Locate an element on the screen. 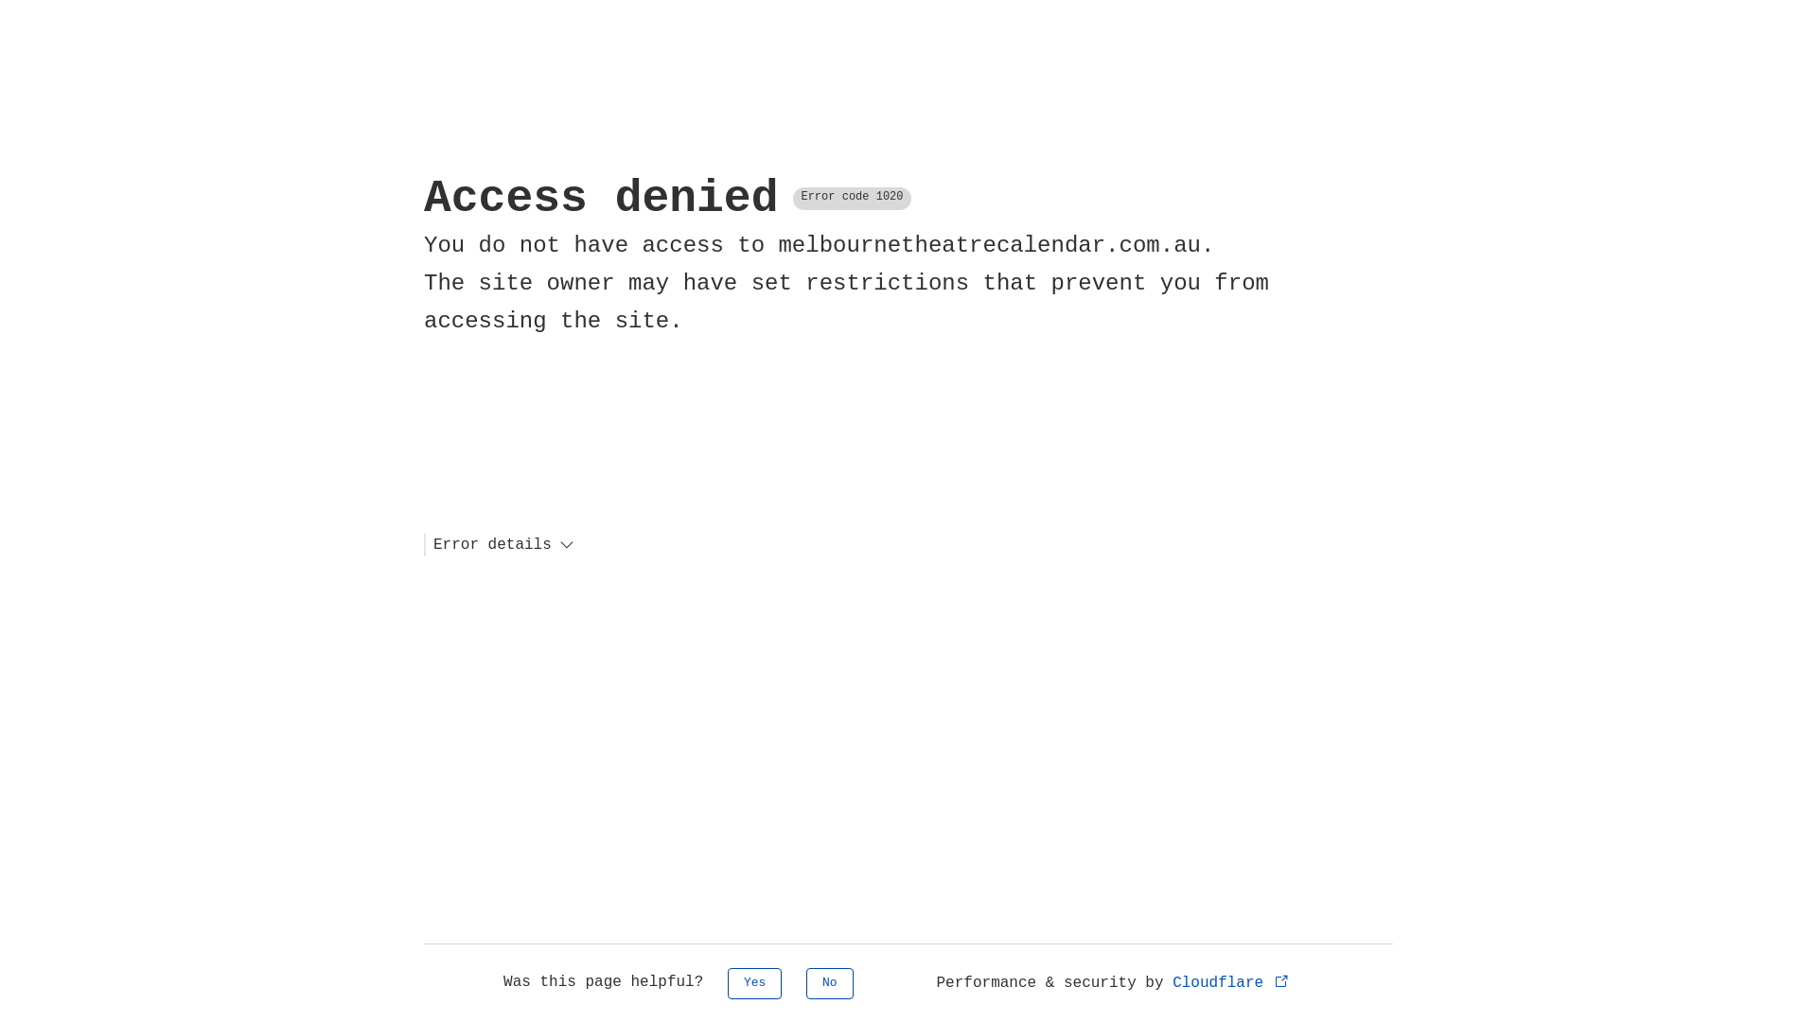  'Cloudflare' is located at coordinates (1231, 981).